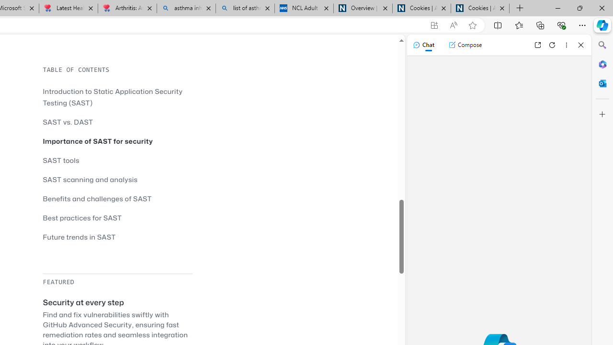  Describe the element at coordinates (82, 218) in the screenshot. I see `'Best practices for SAST'` at that location.